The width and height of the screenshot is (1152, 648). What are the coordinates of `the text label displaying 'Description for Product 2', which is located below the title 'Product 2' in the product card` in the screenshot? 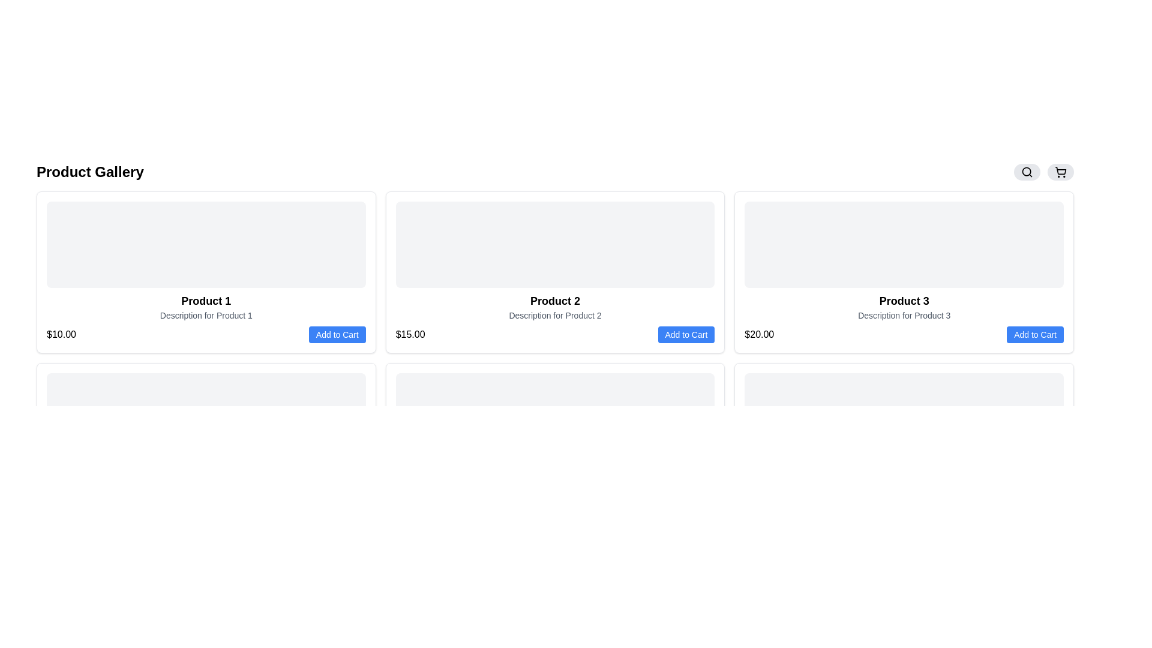 It's located at (554, 314).